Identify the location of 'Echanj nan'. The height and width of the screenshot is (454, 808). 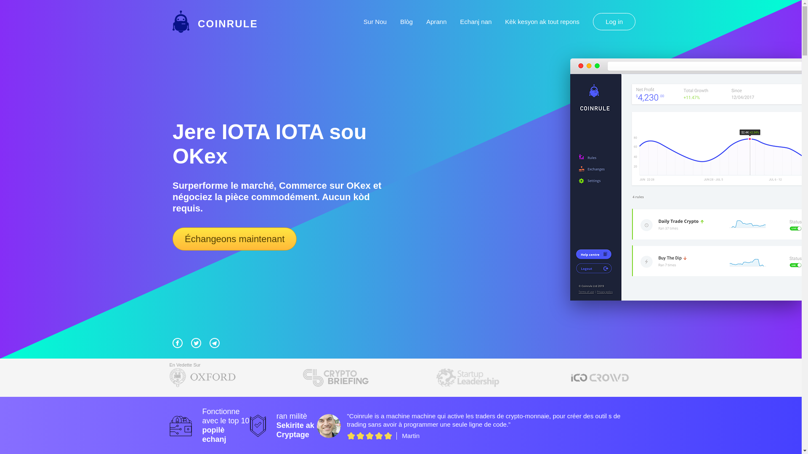
(476, 21).